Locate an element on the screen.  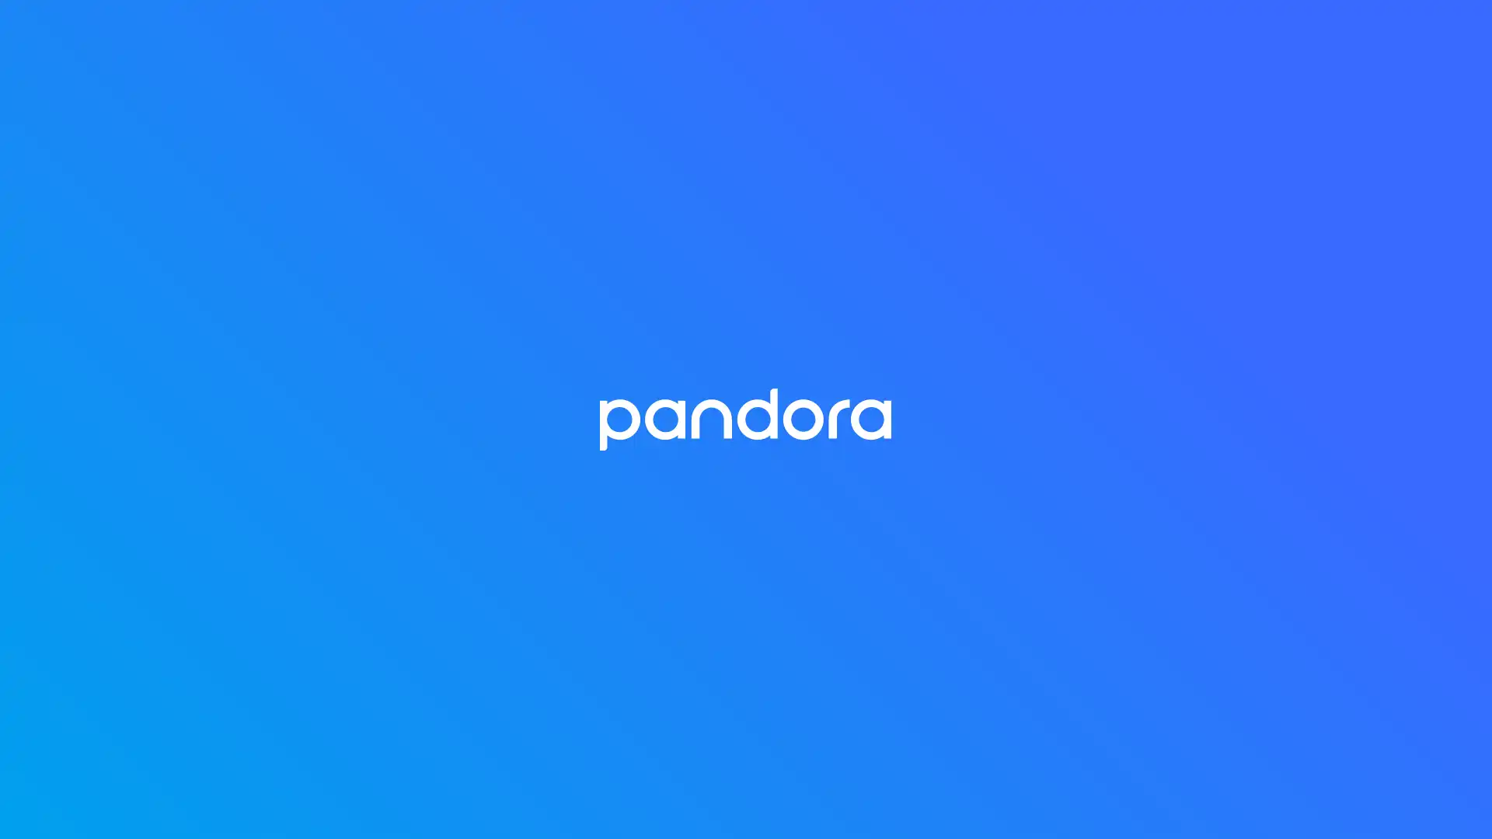
Play 5. Sovereignty, Indigenousness, and Defied Expectations 5. Sovereignty, Indigenousness, and Defied Expectations Nov 18, 2020 32:54 more ... Indigenous people have played a crucial role in shaping modern culture  from art to athletics to automobiles  yet they have largely been excluded from the American narrative. In this episode of The Veritas Lab, we sit down with Professor Philip Deloria  the first tenured professor of Native American studies at Harvard  to learn more about how indigenous studies contributes to the rise of ethnic studies, and how it challenges our very understanding of the United States as a nation. Presented by the Harvard Crimson. Hosted by Katelyn Li and Sanjana Narayanan. Produced by Amanda Su. Podcast art by Margot Shang. is located at coordinates (999, 638).